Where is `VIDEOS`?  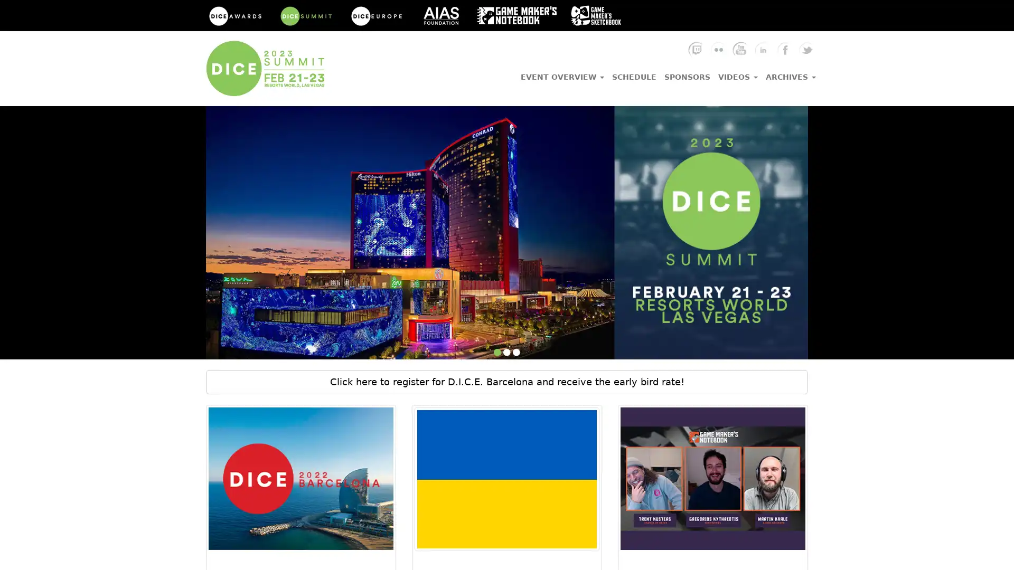
VIDEOS is located at coordinates (737, 77).